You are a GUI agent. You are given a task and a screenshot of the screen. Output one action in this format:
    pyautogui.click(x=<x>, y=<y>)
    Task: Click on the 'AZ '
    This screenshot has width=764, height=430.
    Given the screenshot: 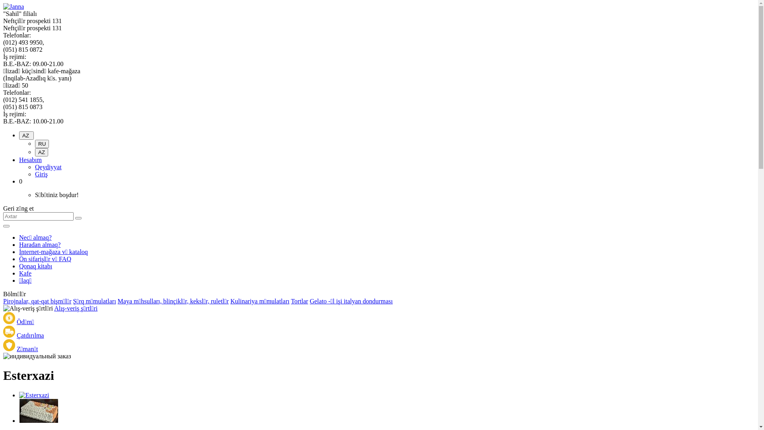 What is the action you would take?
    pyautogui.click(x=26, y=135)
    